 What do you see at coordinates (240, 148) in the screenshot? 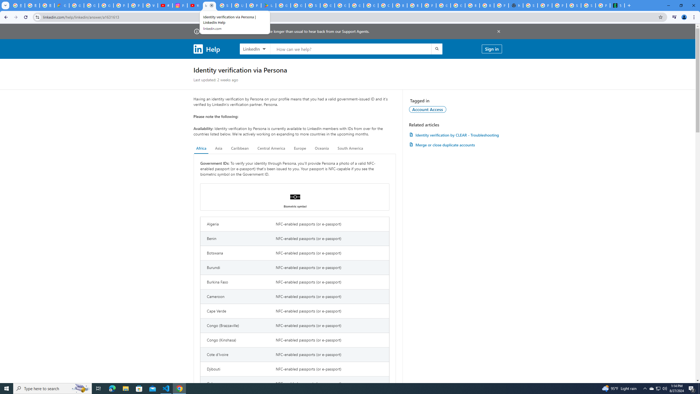
I see `'Caribbean'` at bounding box center [240, 148].